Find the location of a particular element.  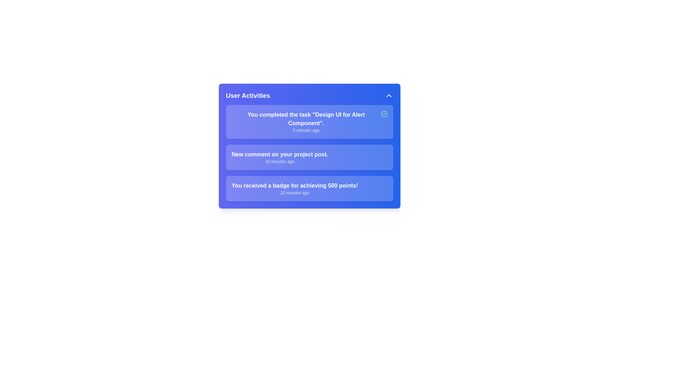

the static text label notifying the user of earning a badge for 500 points, which is located in the third notification panel of the 'User Activities' section is located at coordinates (295, 185).